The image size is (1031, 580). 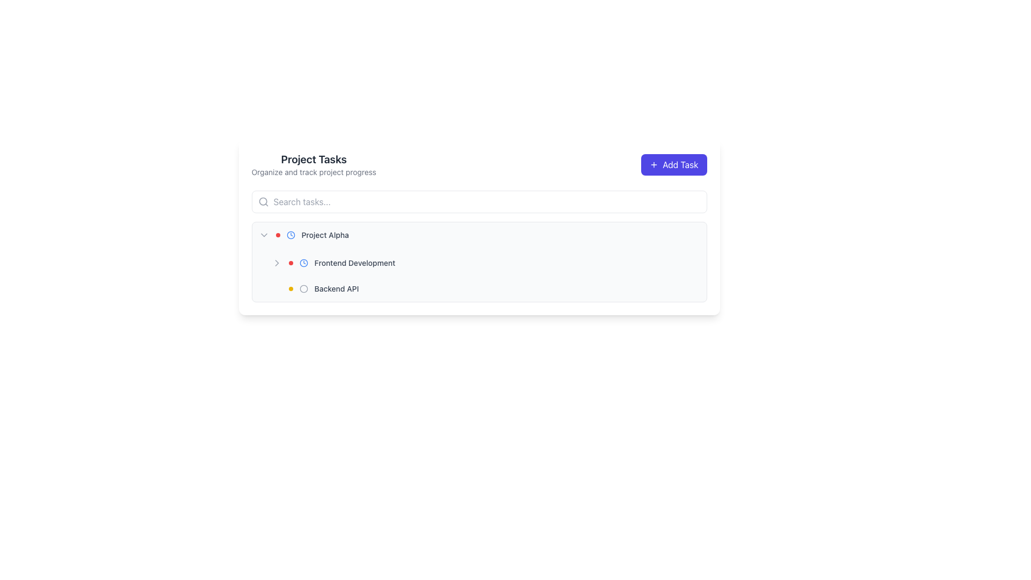 I want to click on the context of the text label displaying 'Backend API' which is the third task item under 'Frontend Development' in the task list interface, so click(x=336, y=288).